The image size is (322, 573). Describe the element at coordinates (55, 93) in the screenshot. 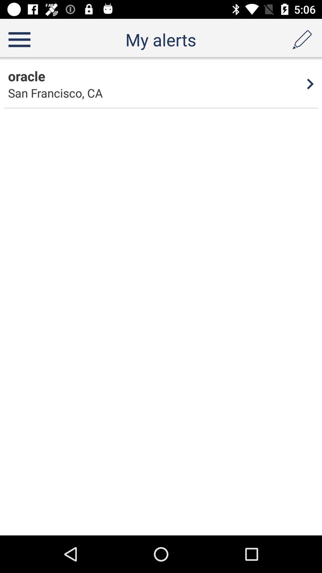

I see `the item below the oracle icon` at that location.